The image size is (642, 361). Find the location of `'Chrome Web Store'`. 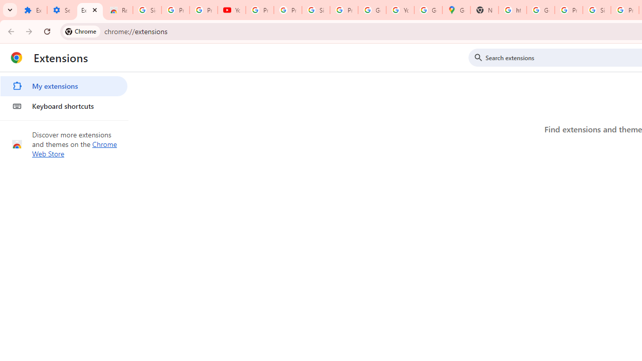

'Chrome Web Store' is located at coordinates (74, 149).